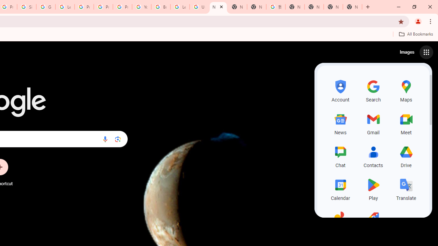 The image size is (438, 246). Describe the element at coordinates (27, 7) in the screenshot. I see `'Sign in - Google Accounts'` at that location.